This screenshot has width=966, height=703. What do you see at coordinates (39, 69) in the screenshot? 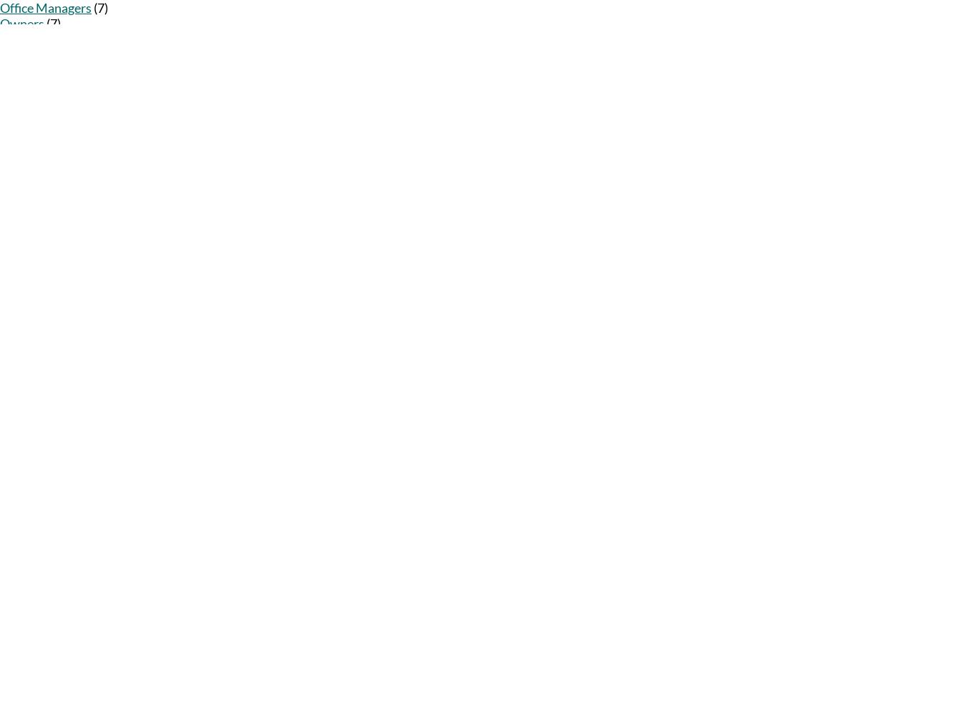
I see `'Uncategorized'` at bounding box center [39, 69].